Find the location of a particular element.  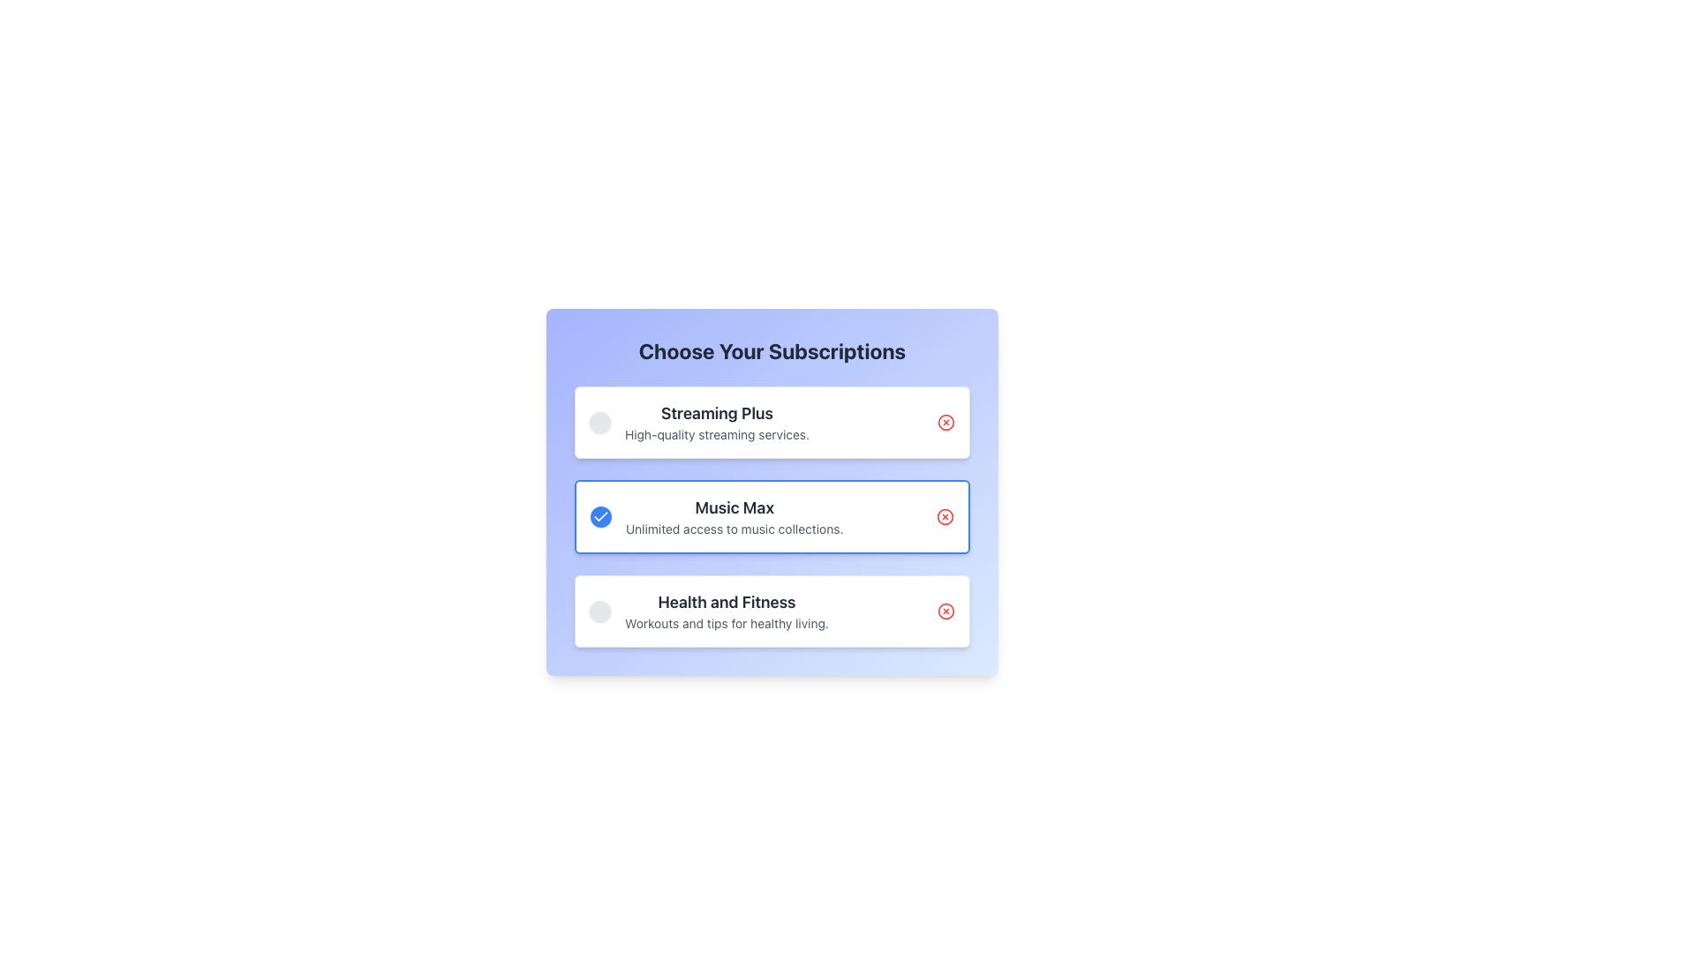

text block labeled 'Music Max' which contains the description 'Unlimited access to music collections.' is located at coordinates (734, 516).